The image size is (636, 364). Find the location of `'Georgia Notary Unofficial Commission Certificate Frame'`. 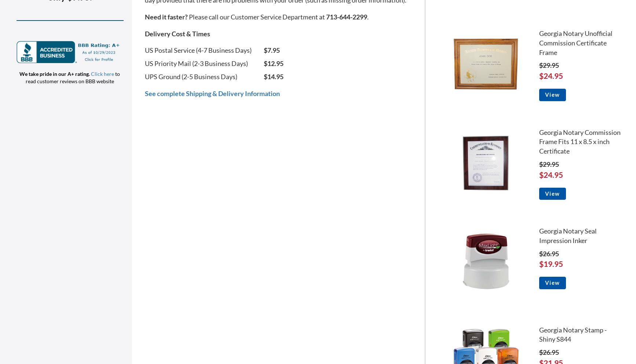

'Georgia Notary Unofficial Commission Certificate Frame' is located at coordinates (538, 43).